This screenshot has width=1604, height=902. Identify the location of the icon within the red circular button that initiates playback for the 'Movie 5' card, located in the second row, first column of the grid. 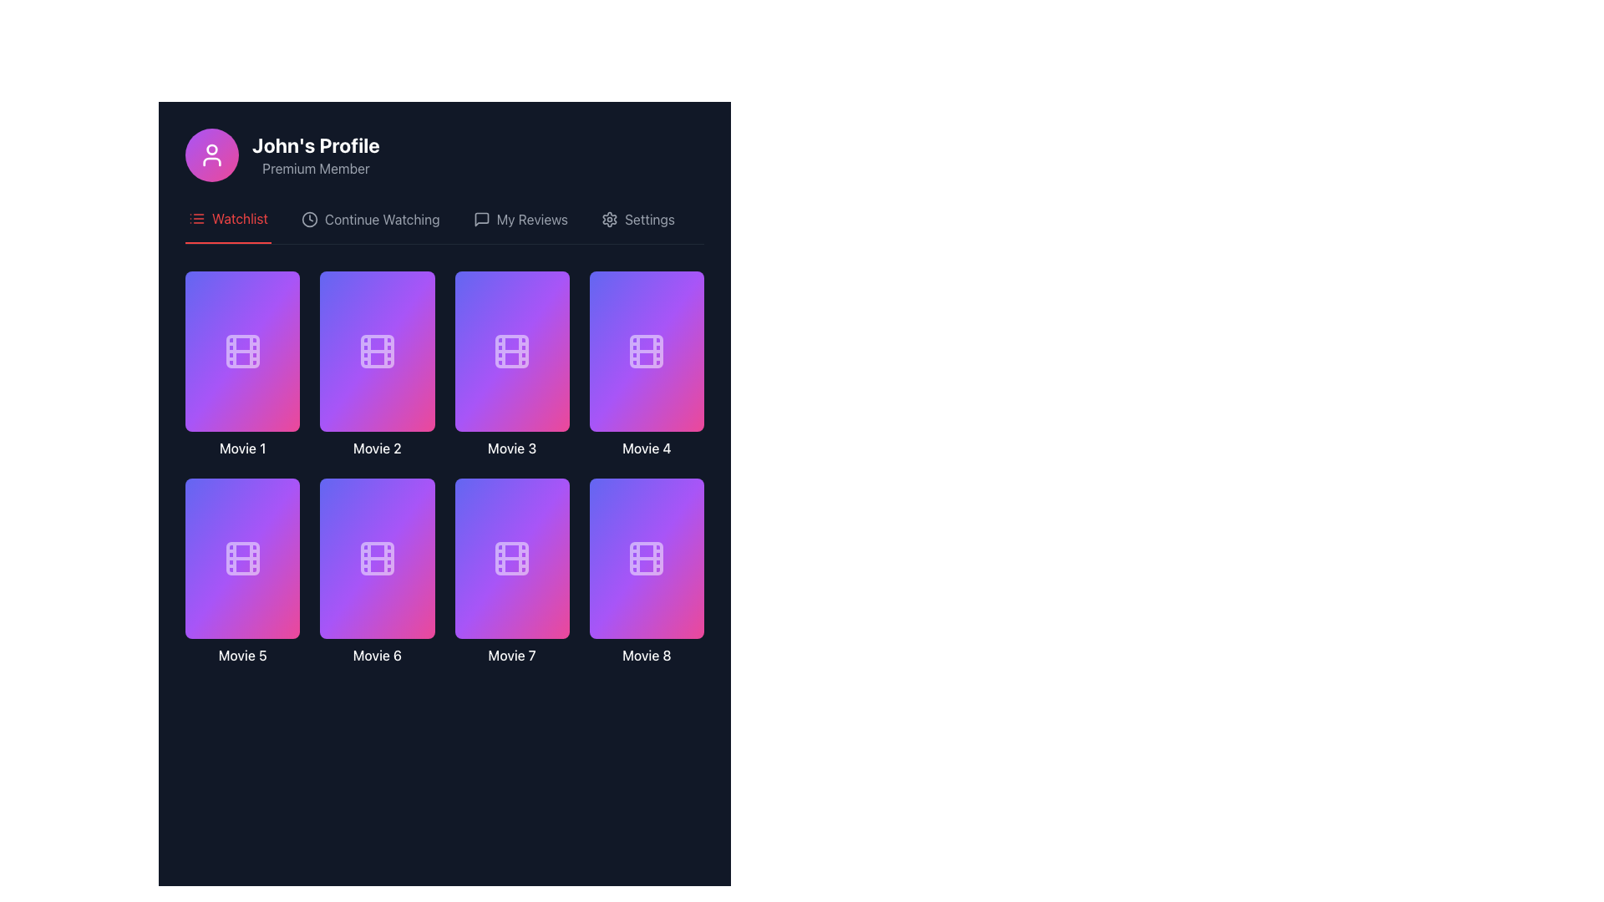
(241, 550).